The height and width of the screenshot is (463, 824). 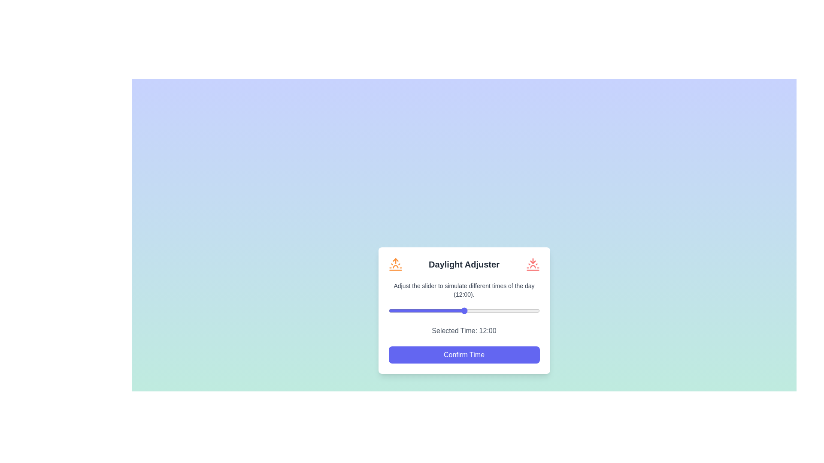 I want to click on the 'Confirm Time' button to set the selected time, so click(x=463, y=355).